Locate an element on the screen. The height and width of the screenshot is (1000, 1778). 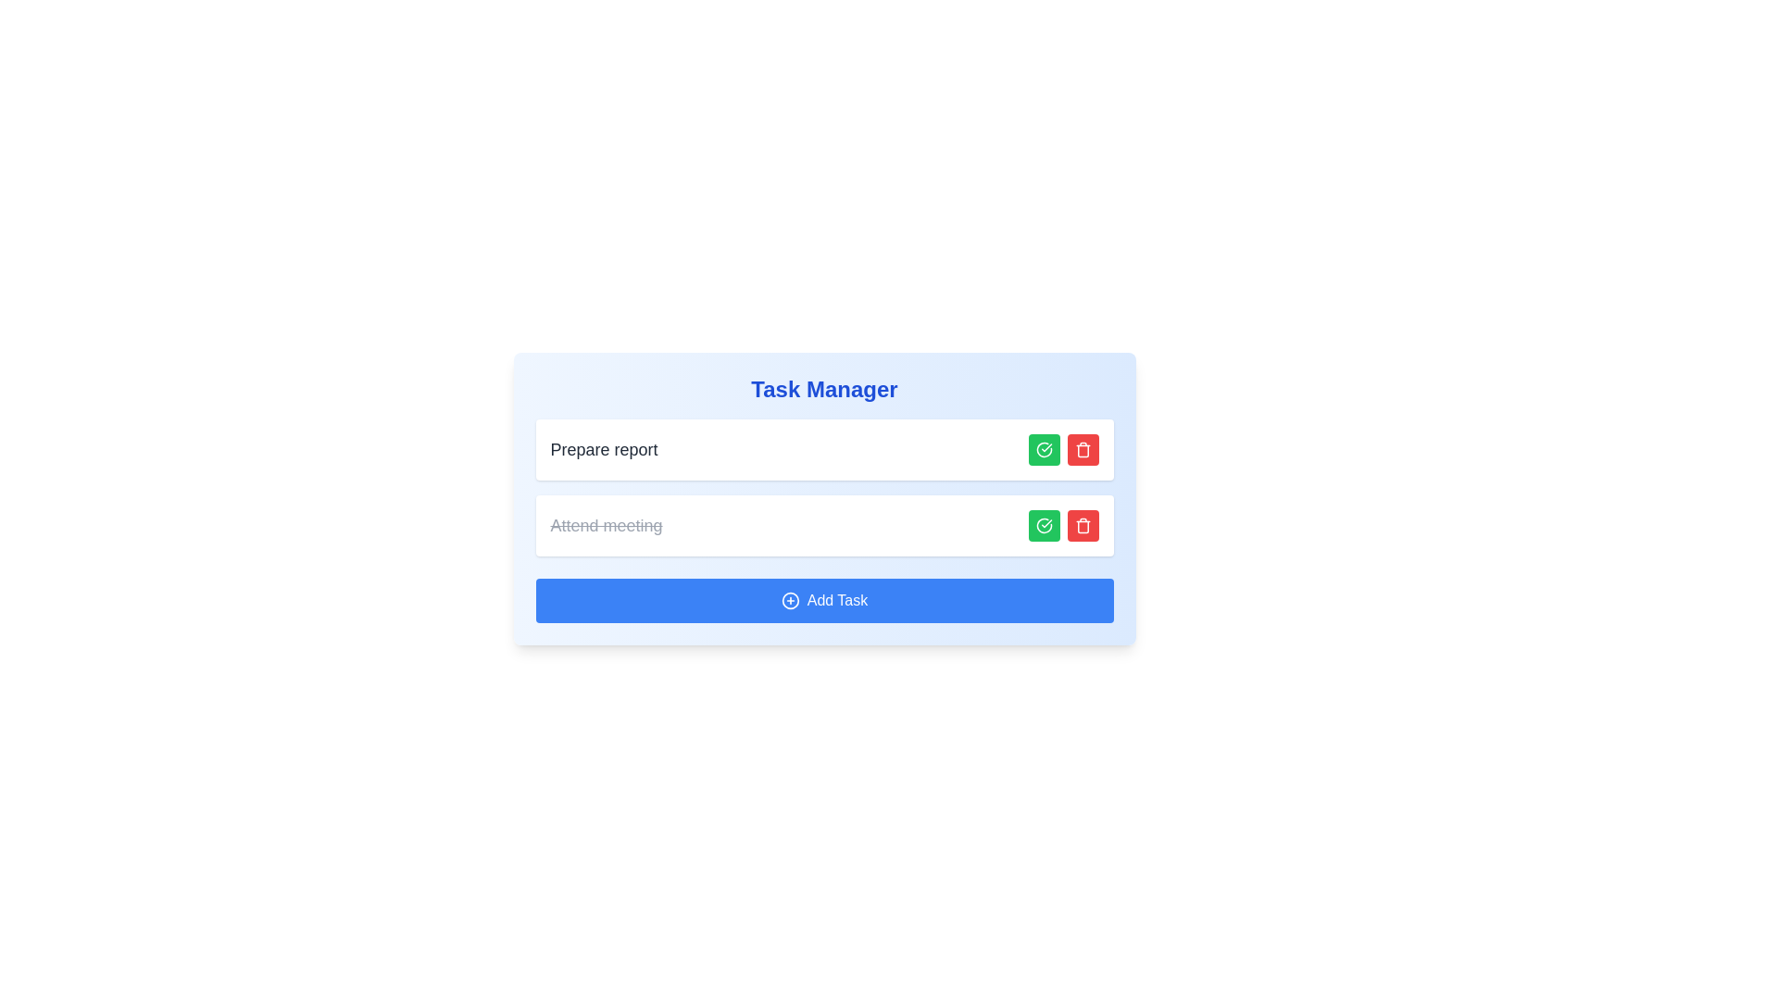
the Check icon button located on the right side of the second task row in the task manager interface to mark the task 'Attend meeting' as complete is located at coordinates (1044, 525).